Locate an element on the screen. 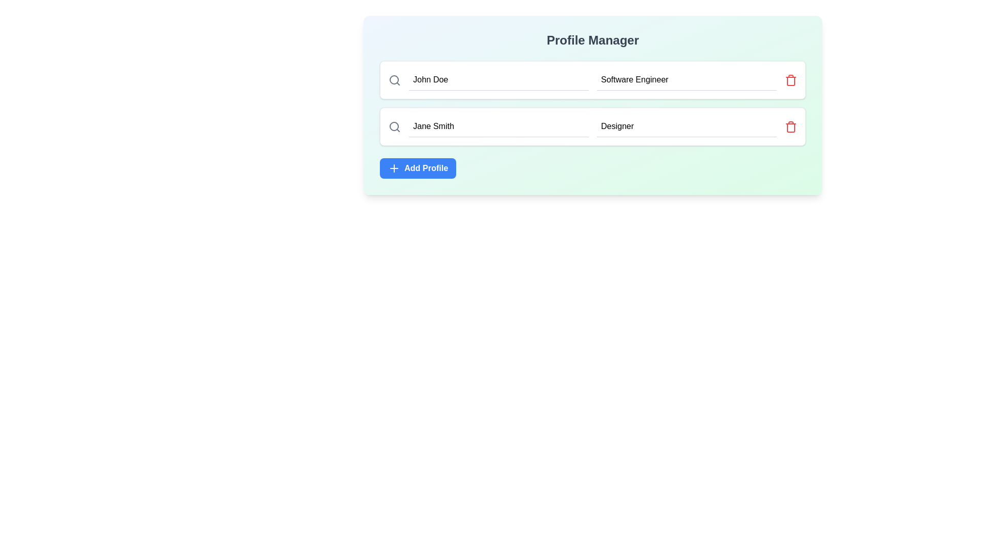 Image resolution: width=983 pixels, height=553 pixels. the delete SVG icon located in the rightmost section of a profile list entry is located at coordinates (790, 80).